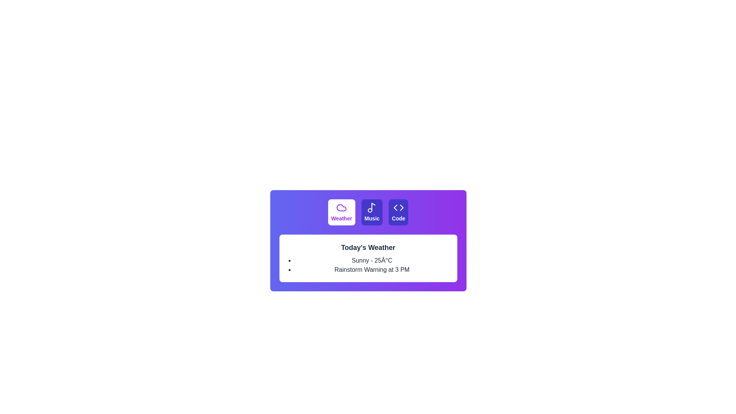 This screenshot has width=736, height=414. What do you see at coordinates (372, 208) in the screenshot?
I see `the music icon located in the middle part of the interface, specifically the second icon from the left in a horizontal row of three icons` at bounding box center [372, 208].